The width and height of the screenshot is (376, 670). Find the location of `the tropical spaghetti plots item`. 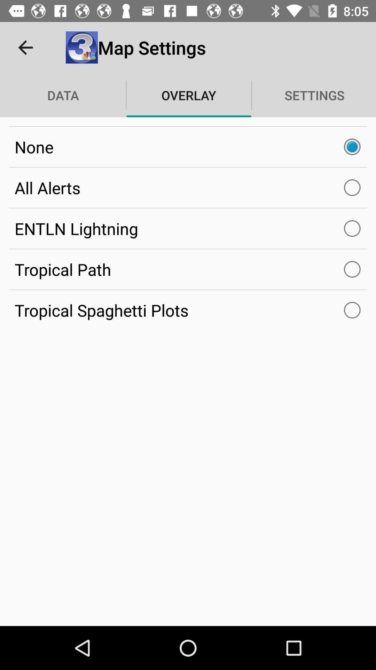

the tropical spaghetti plots item is located at coordinates (188, 310).